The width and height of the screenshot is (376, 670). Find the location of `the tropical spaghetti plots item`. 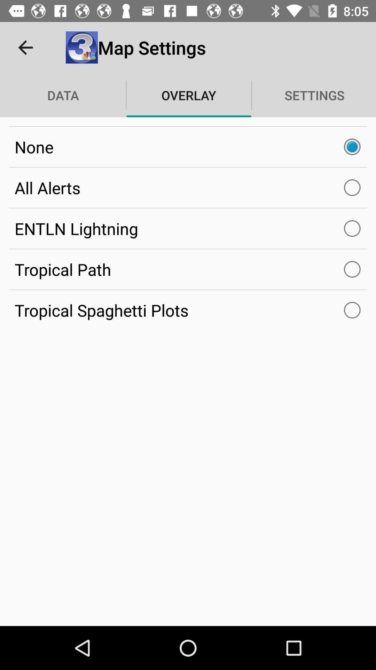

the tropical spaghetti plots item is located at coordinates (188, 310).